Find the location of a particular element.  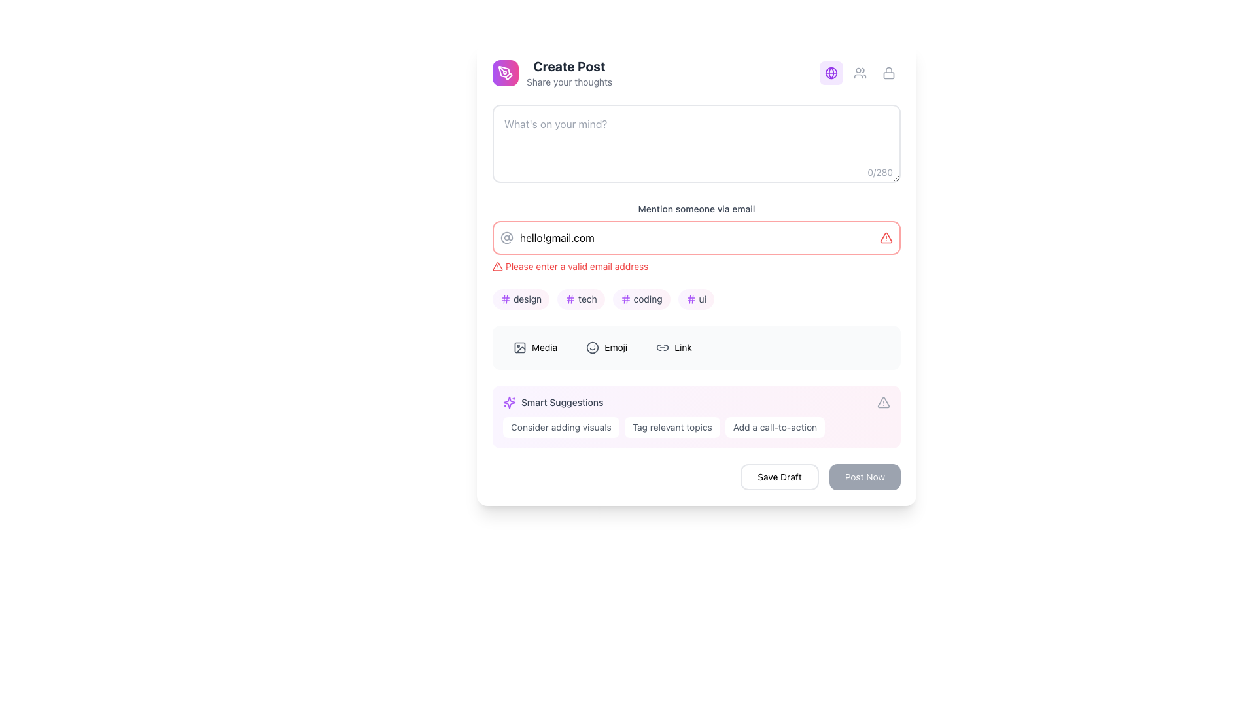

the decorative icon associated with the 'tech' label is located at coordinates (570, 299).